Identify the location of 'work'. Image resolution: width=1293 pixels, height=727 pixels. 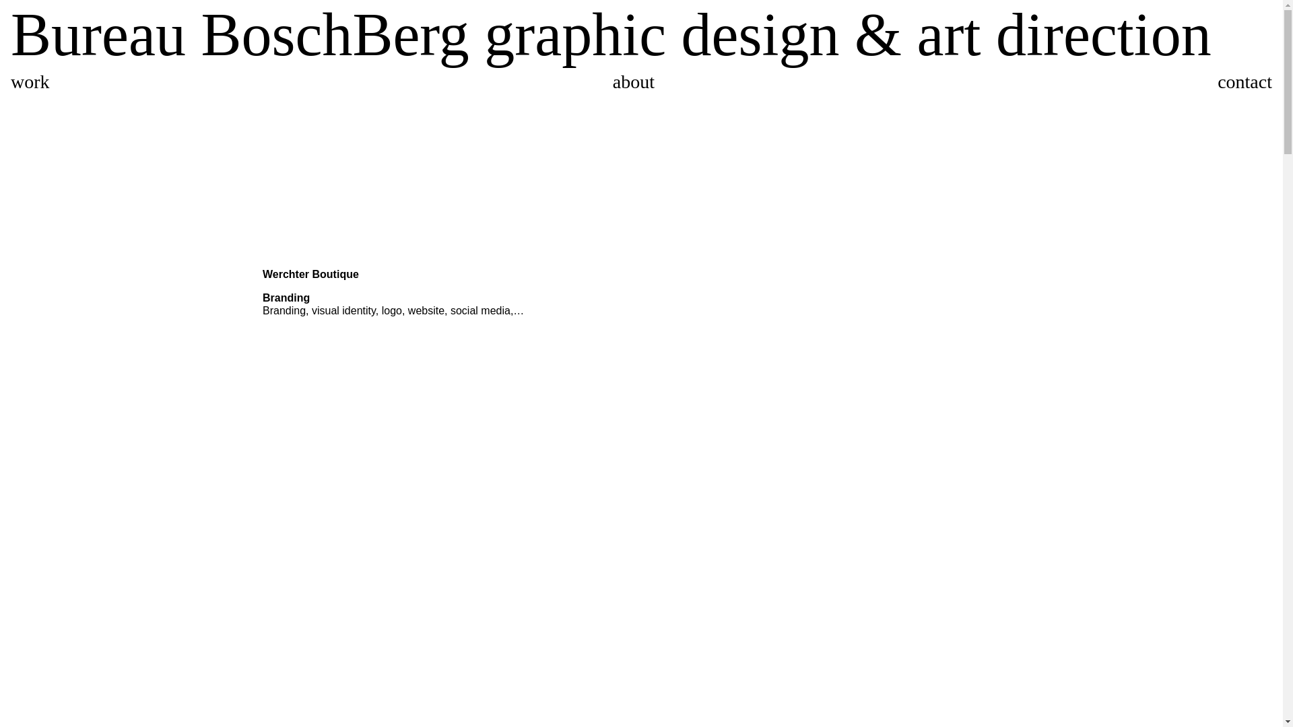
(30, 81).